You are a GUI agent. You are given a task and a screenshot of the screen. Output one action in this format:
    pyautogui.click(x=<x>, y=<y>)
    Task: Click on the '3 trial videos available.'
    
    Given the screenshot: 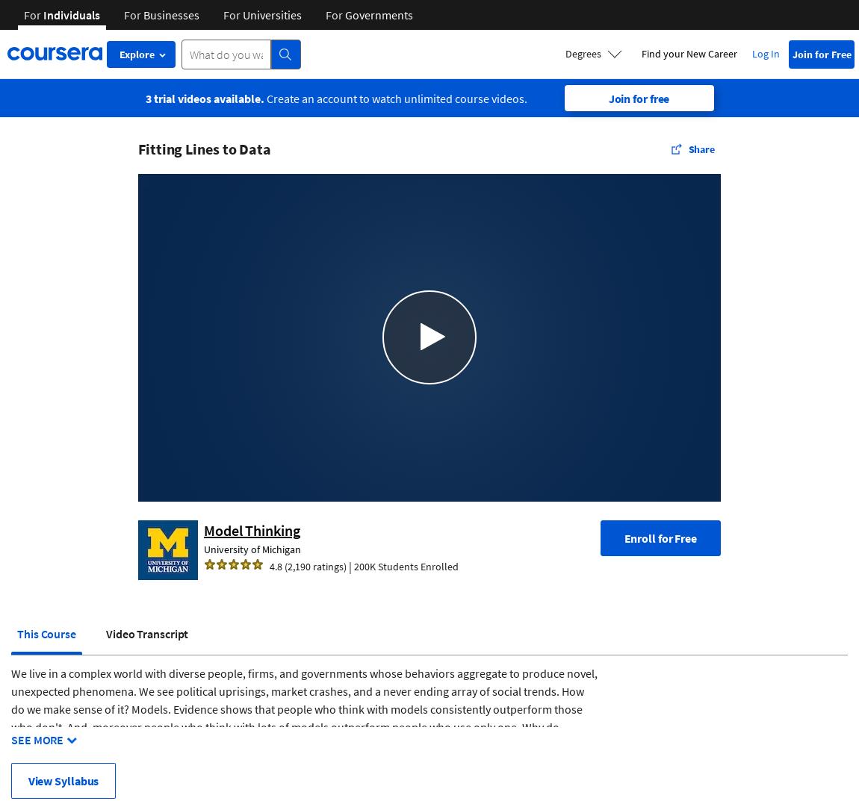 What is the action you would take?
    pyautogui.click(x=203, y=97)
    